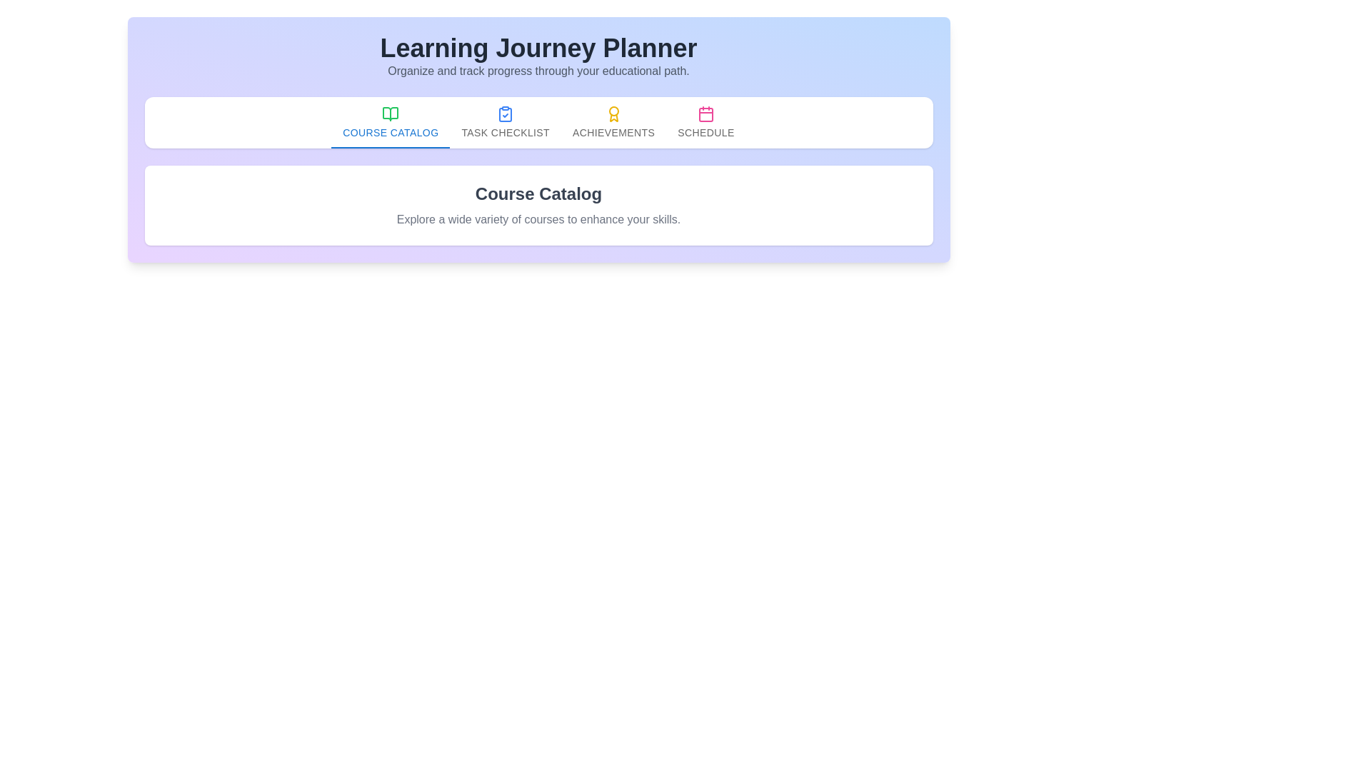 The width and height of the screenshot is (1371, 771). What do you see at coordinates (391, 114) in the screenshot?
I see `the open book icon located in the 'COURSE CATALOG' navigation tab area, positioned centrally above the text label 'COURSE CATALOG'` at bounding box center [391, 114].